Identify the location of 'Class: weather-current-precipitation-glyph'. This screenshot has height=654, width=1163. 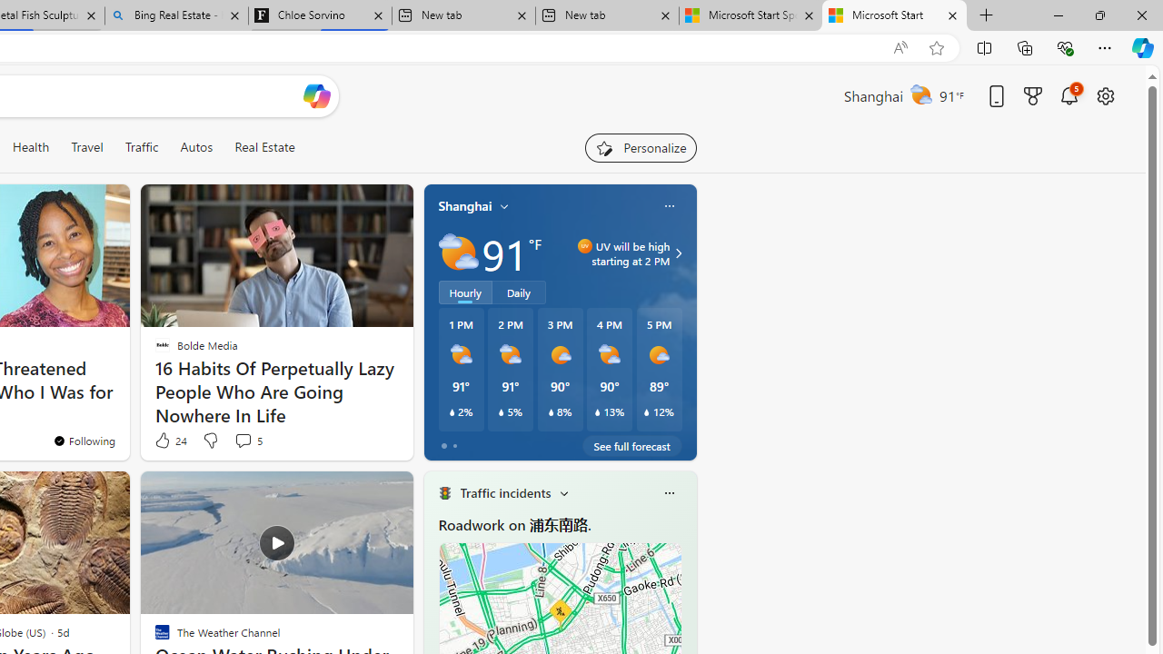
(647, 411).